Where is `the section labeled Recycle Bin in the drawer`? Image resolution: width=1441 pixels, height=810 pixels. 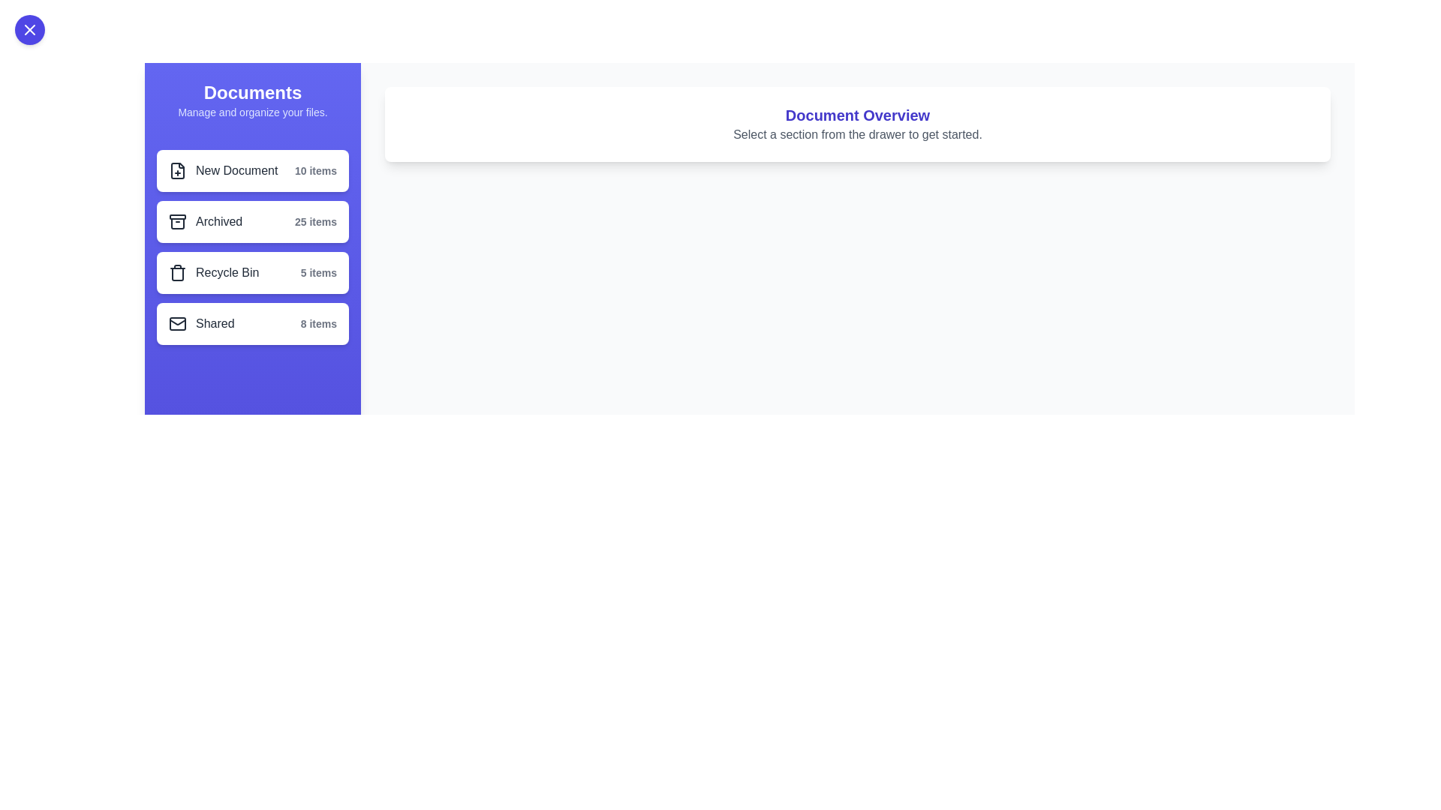 the section labeled Recycle Bin in the drawer is located at coordinates (252, 272).